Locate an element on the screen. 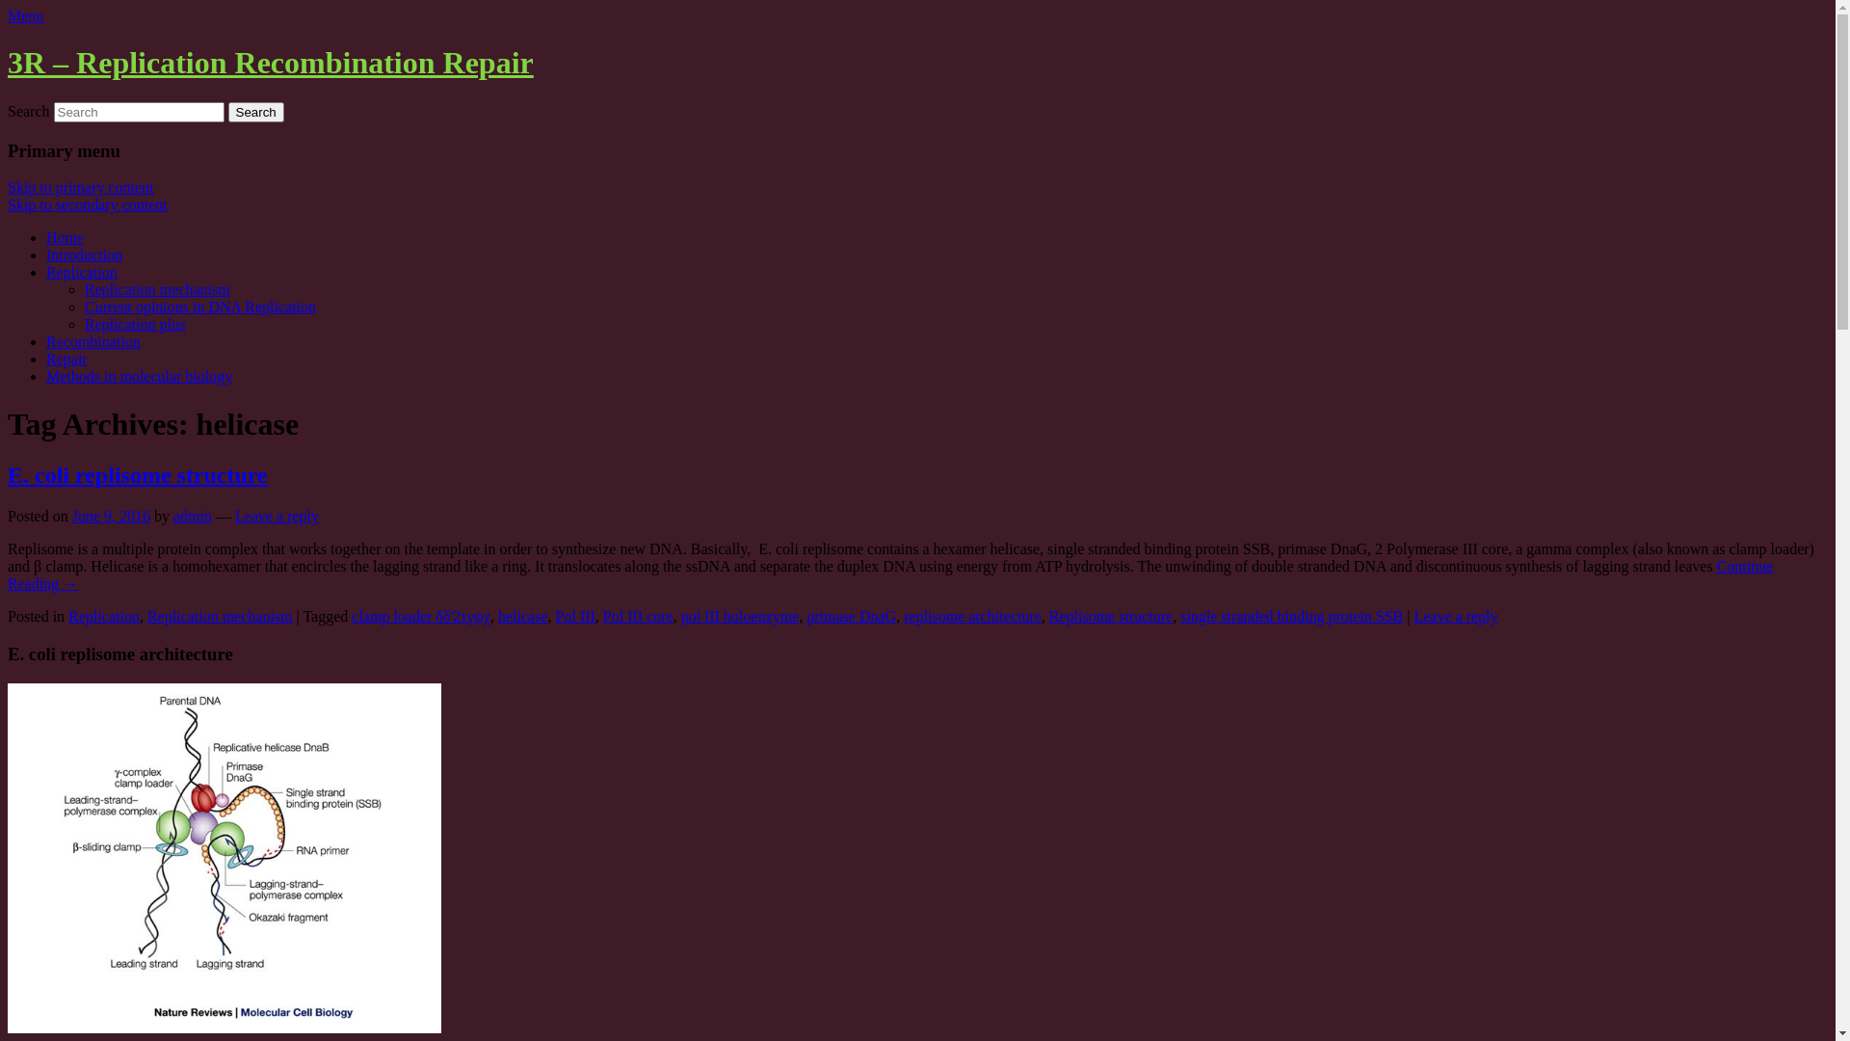 This screenshot has height=1041, width=1850. 'Replication' is located at coordinates (102, 616).